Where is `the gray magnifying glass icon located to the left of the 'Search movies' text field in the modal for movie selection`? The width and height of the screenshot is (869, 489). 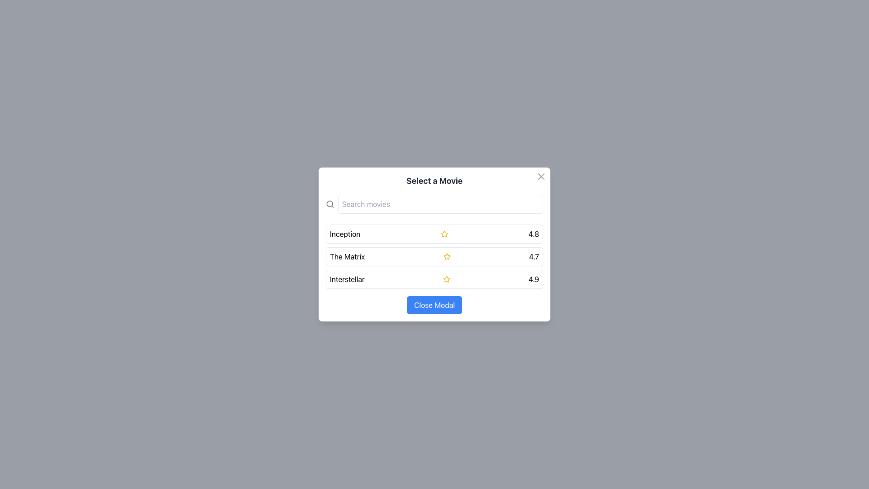 the gray magnifying glass icon located to the left of the 'Search movies' text field in the modal for movie selection is located at coordinates (329, 204).